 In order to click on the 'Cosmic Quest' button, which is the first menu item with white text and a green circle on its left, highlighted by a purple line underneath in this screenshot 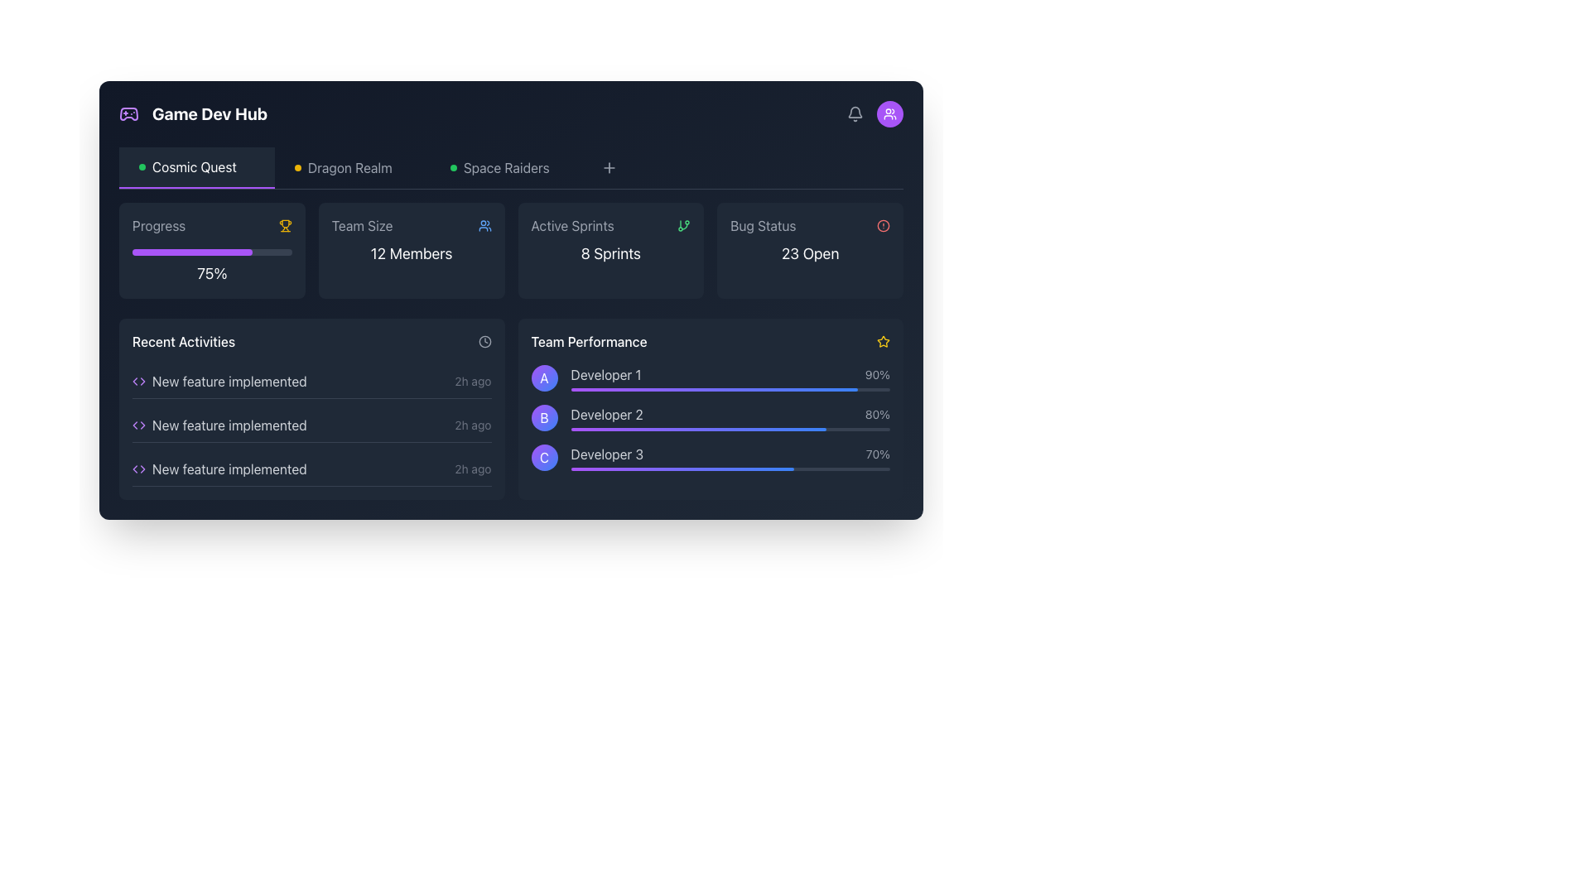, I will do `click(196, 168)`.